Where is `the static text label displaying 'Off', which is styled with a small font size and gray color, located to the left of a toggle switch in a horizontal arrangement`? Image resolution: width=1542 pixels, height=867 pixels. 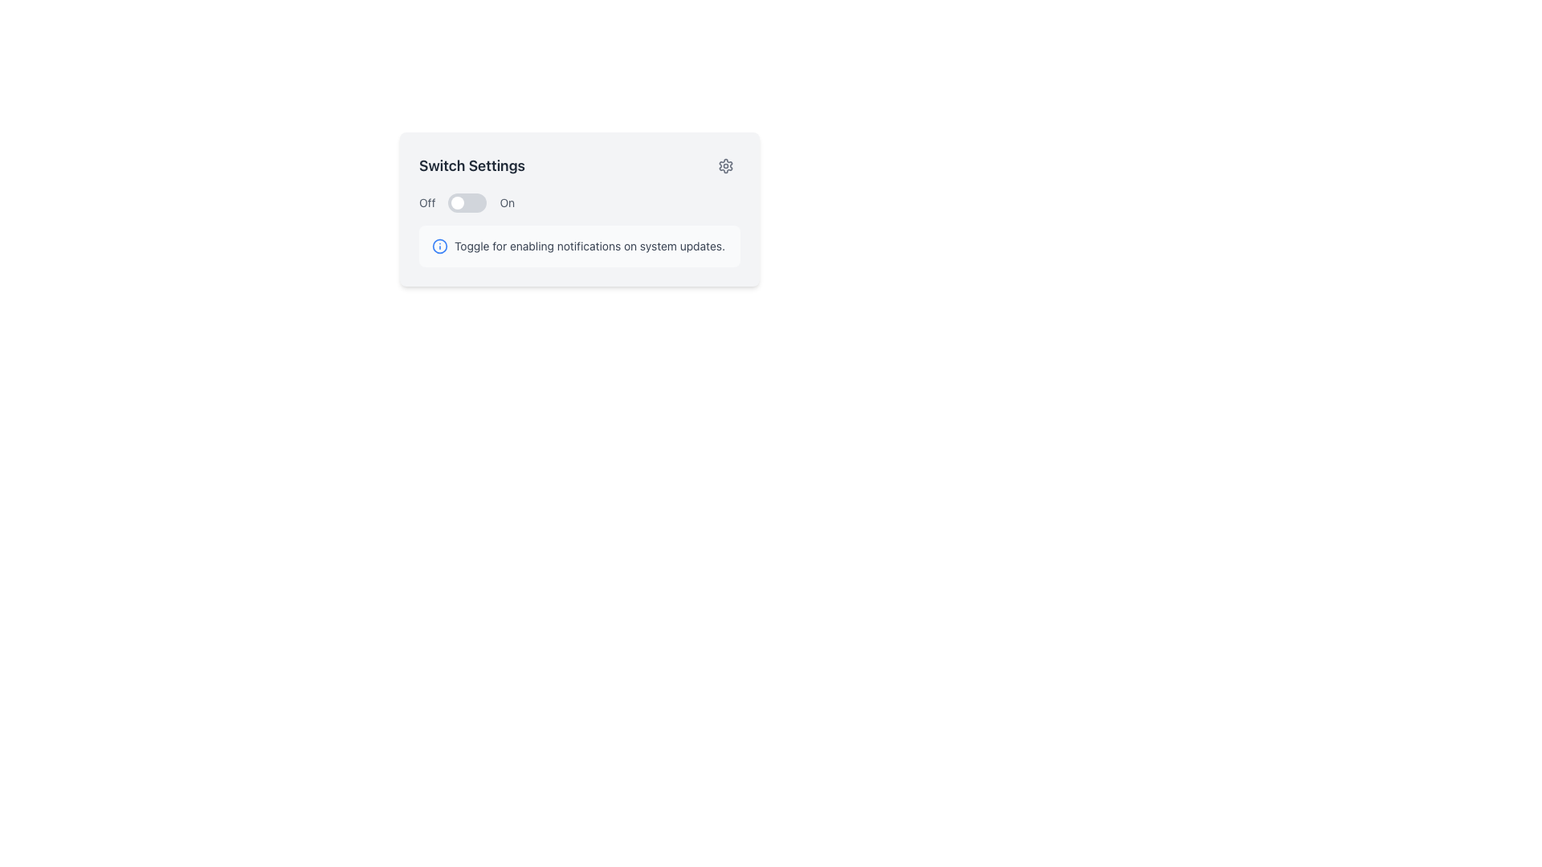
the static text label displaying 'Off', which is styled with a small font size and gray color, located to the left of a toggle switch in a horizontal arrangement is located at coordinates (427, 202).